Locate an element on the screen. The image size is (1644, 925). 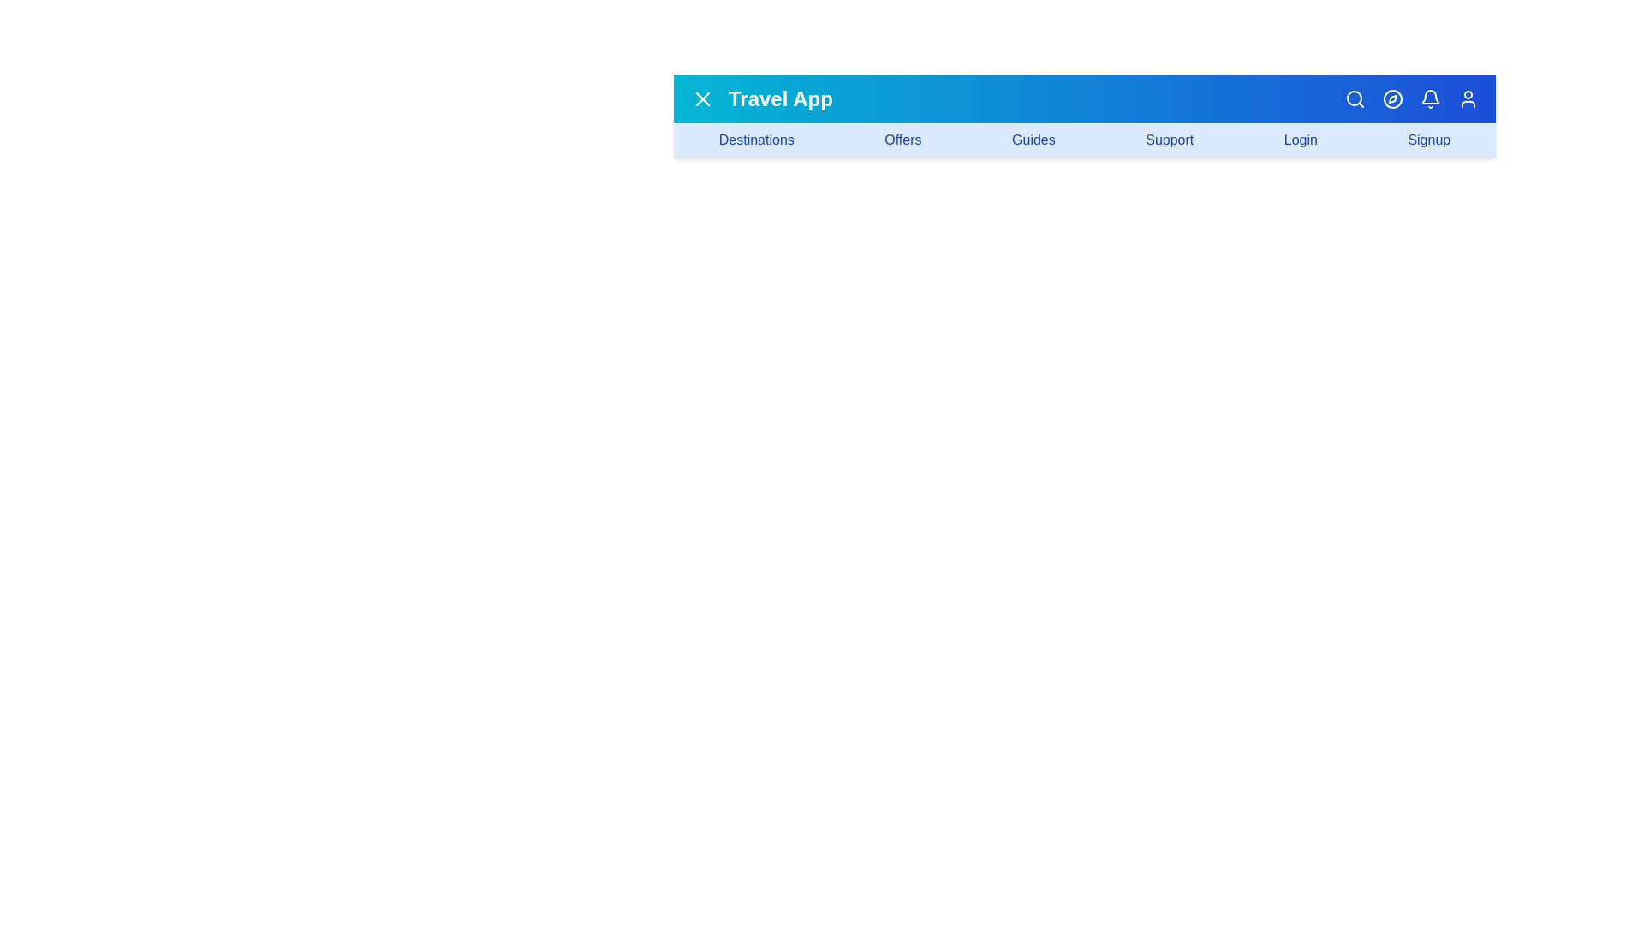
the navigation link labeled 'Support' is located at coordinates (1169, 140).